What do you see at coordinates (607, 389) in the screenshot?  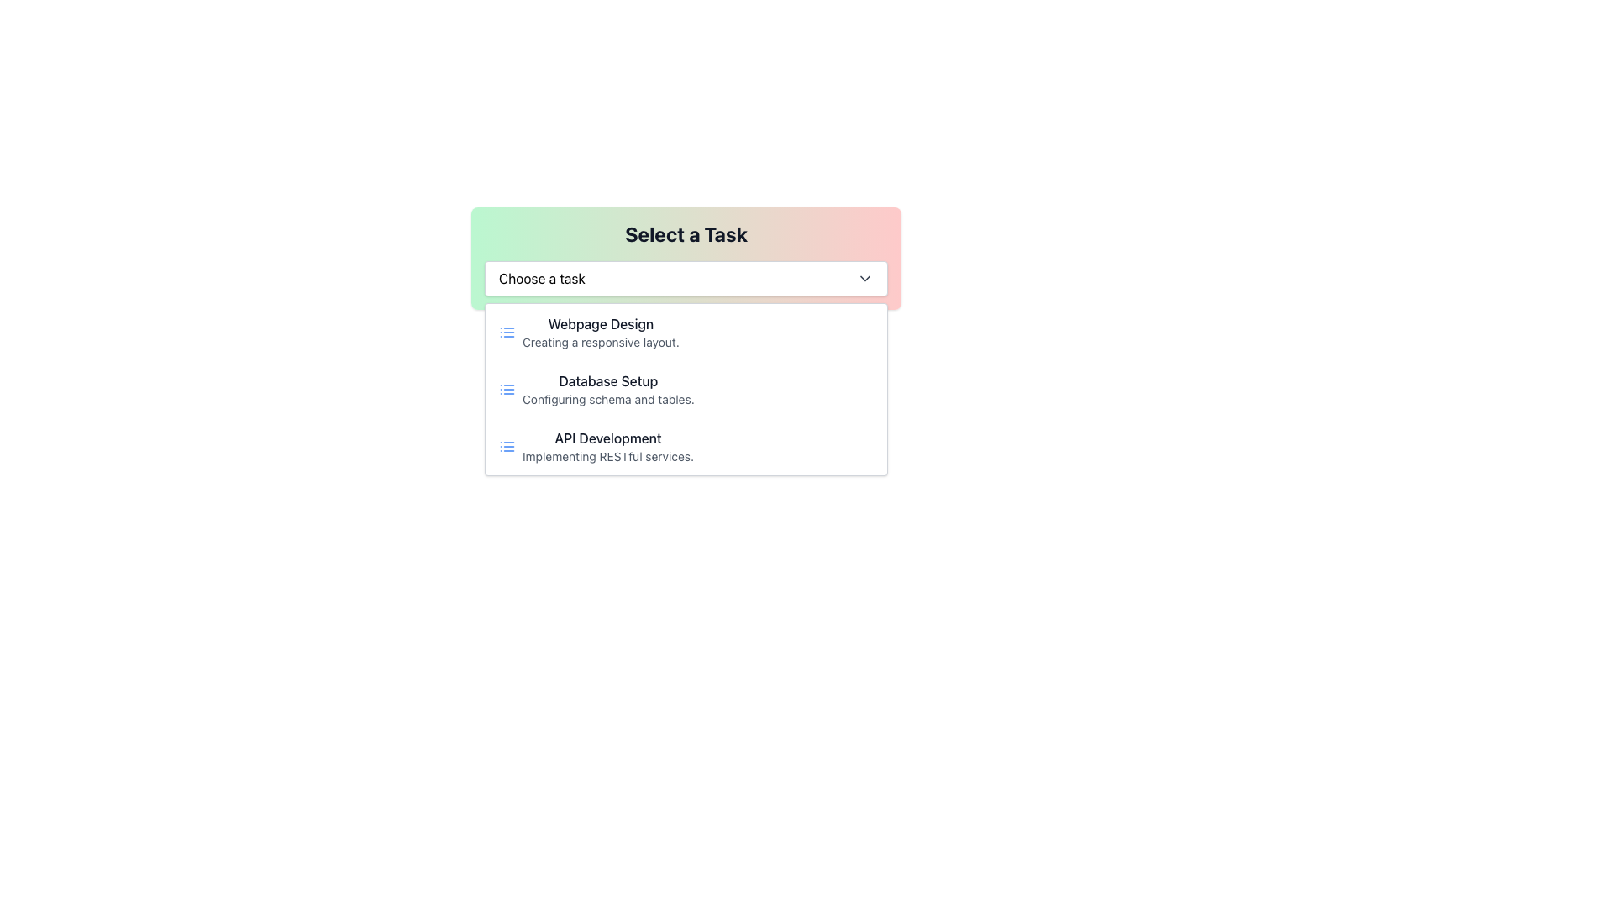 I see `the second menu option` at bounding box center [607, 389].